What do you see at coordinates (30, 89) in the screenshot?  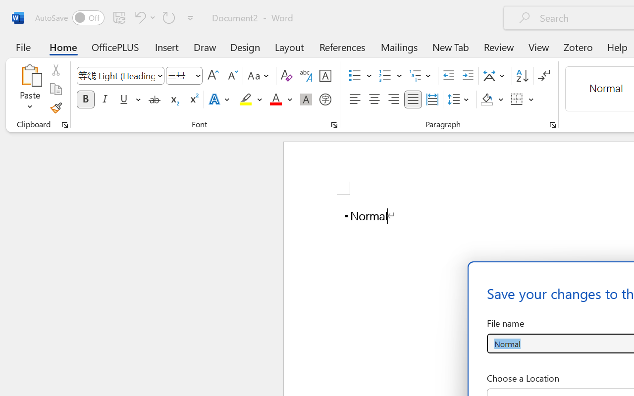 I see `'Paste'` at bounding box center [30, 89].